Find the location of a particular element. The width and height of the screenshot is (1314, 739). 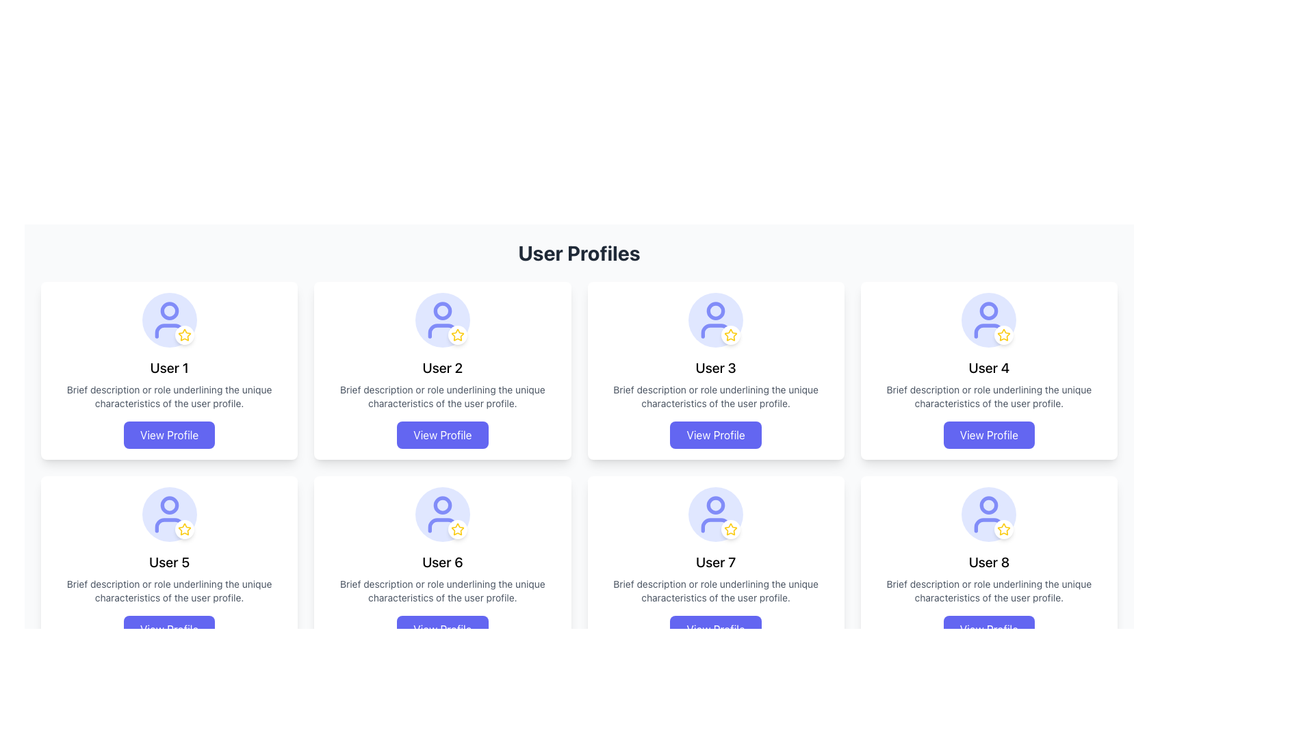

the star icon representing a rating for 'User 6' located in the bottom-right corner above 'View Profile' is located at coordinates (457, 529).